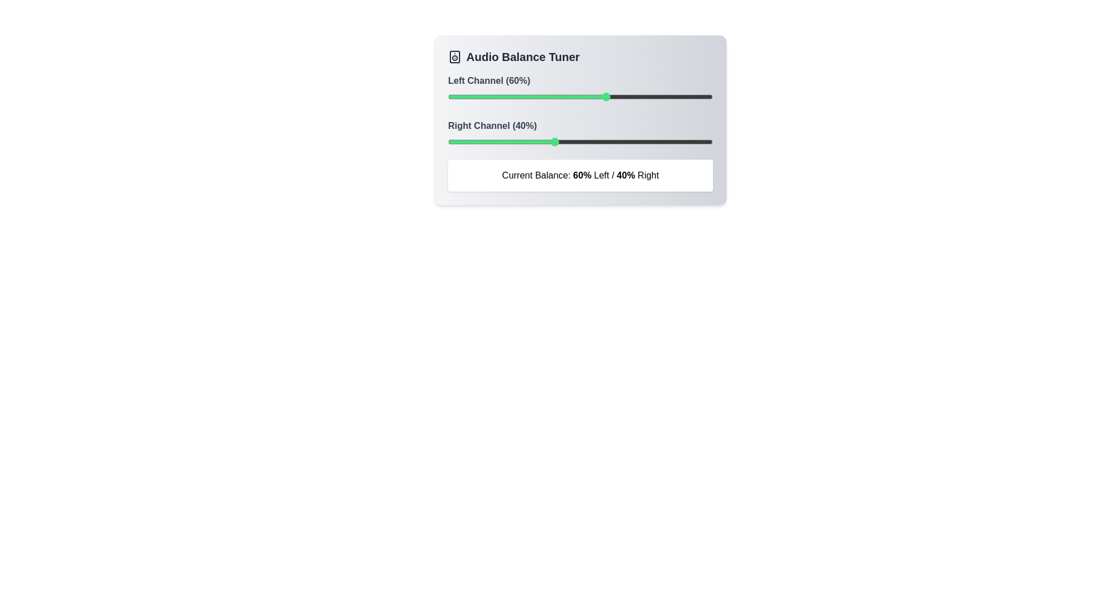 The image size is (1096, 616). I want to click on the balance of the 0 channel to 71%, so click(635, 96).